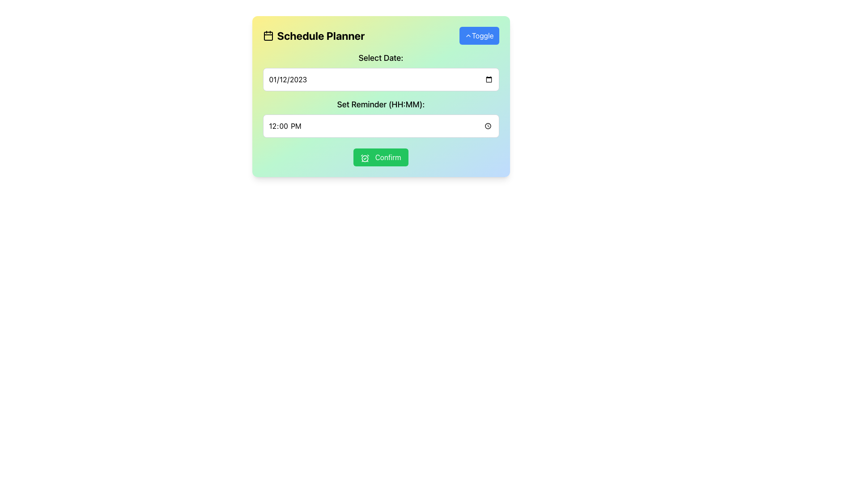 The width and height of the screenshot is (859, 483). What do you see at coordinates (479, 35) in the screenshot?
I see `the toggle button located at the top-right corner of the 'Schedule Planner' section` at bounding box center [479, 35].